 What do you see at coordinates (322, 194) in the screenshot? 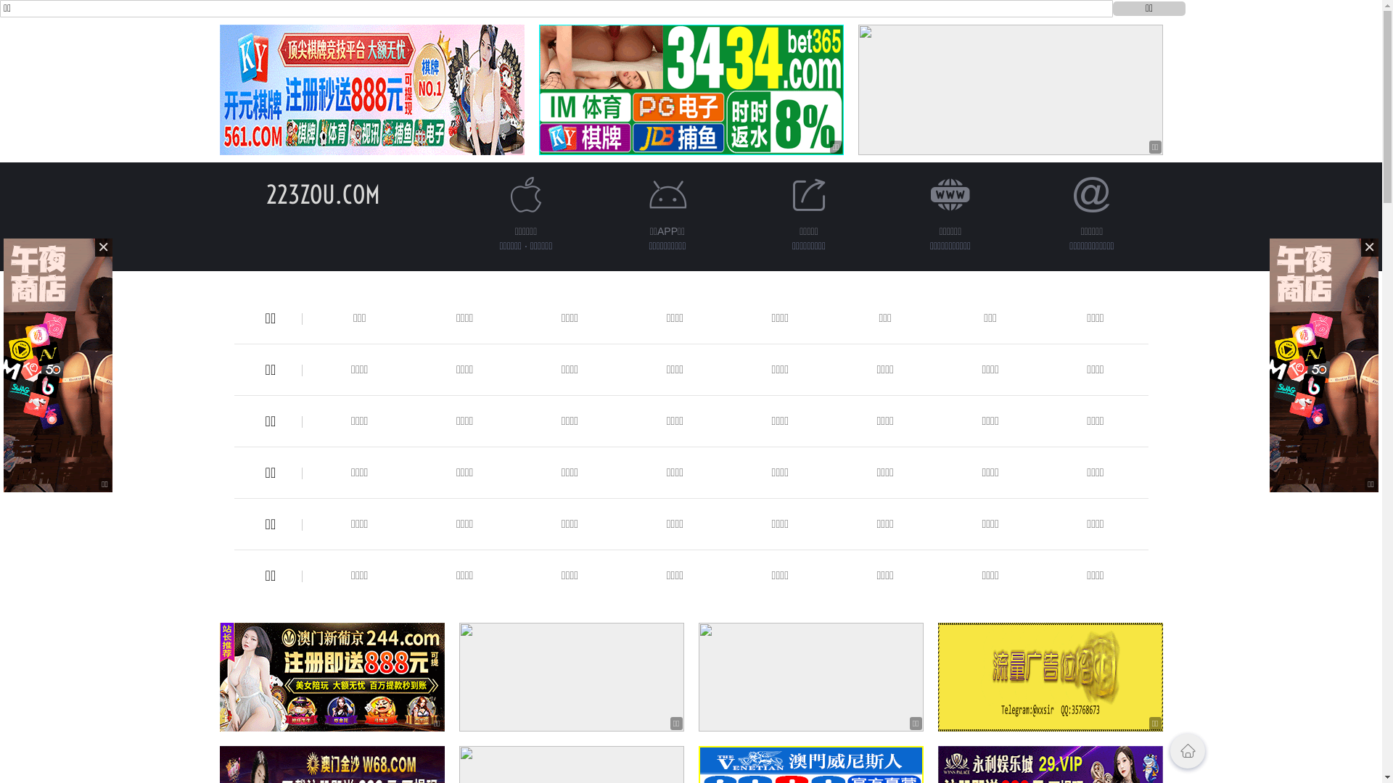
I see `'223ZOU.COM'` at bounding box center [322, 194].